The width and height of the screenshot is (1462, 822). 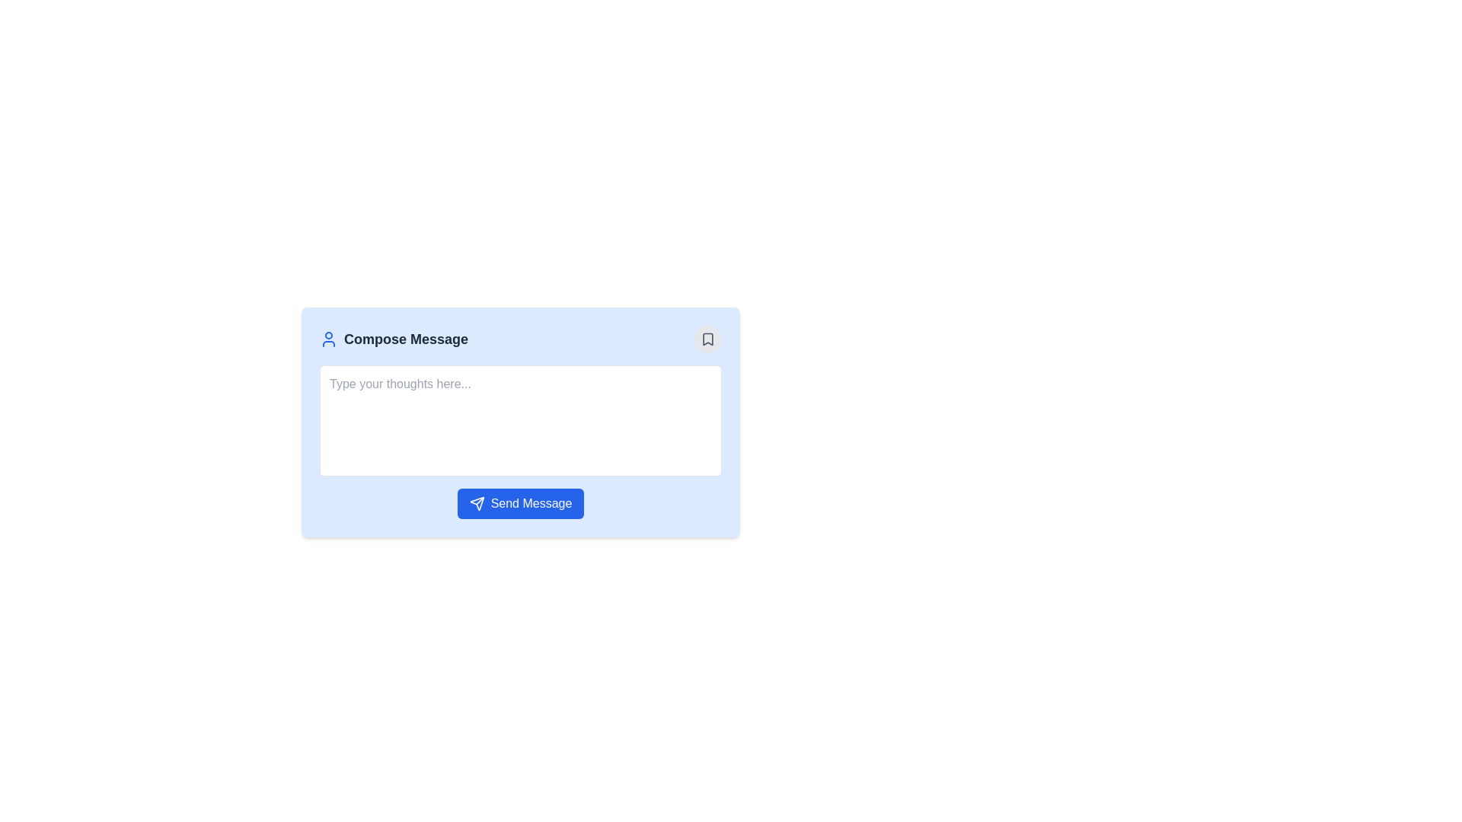 What do you see at coordinates (707, 339) in the screenshot?
I see `the bookmark icon located in the upper-right corner of the 'Compose Message' card interface` at bounding box center [707, 339].